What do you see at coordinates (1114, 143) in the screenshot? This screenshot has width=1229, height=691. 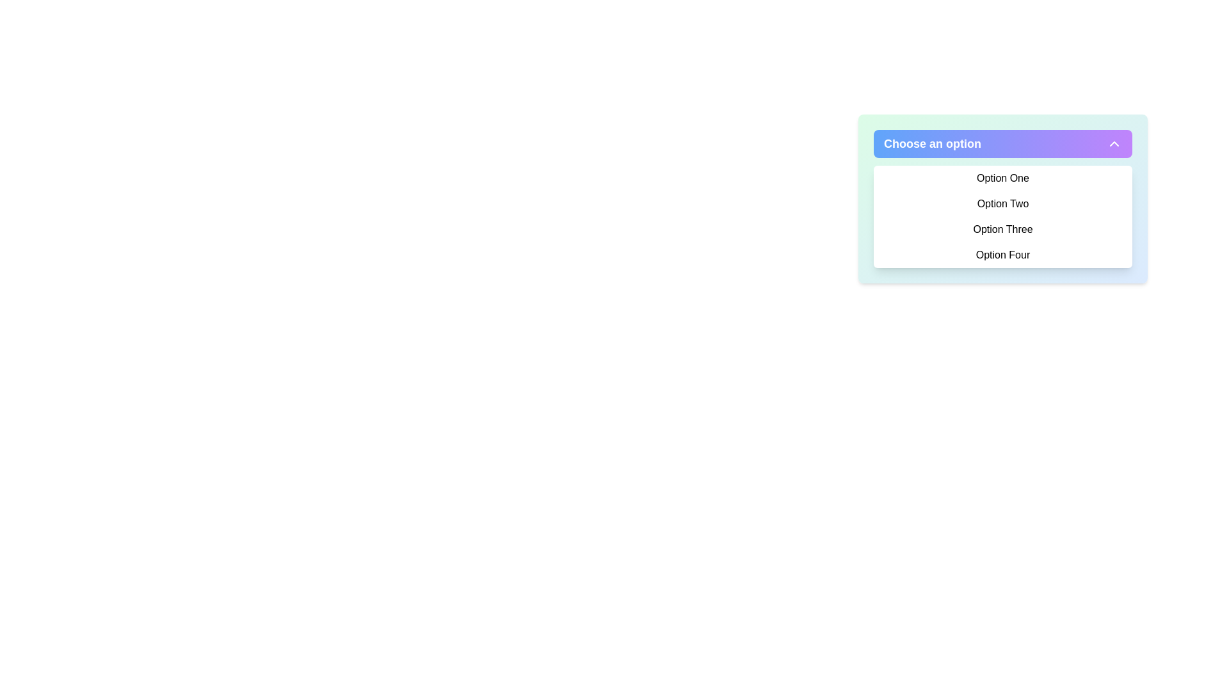 I see `the icon indicating the current state of the dropdown menu, located on the right side of the header labeled 'Choose an option'` at bounding box center [1114, 143].